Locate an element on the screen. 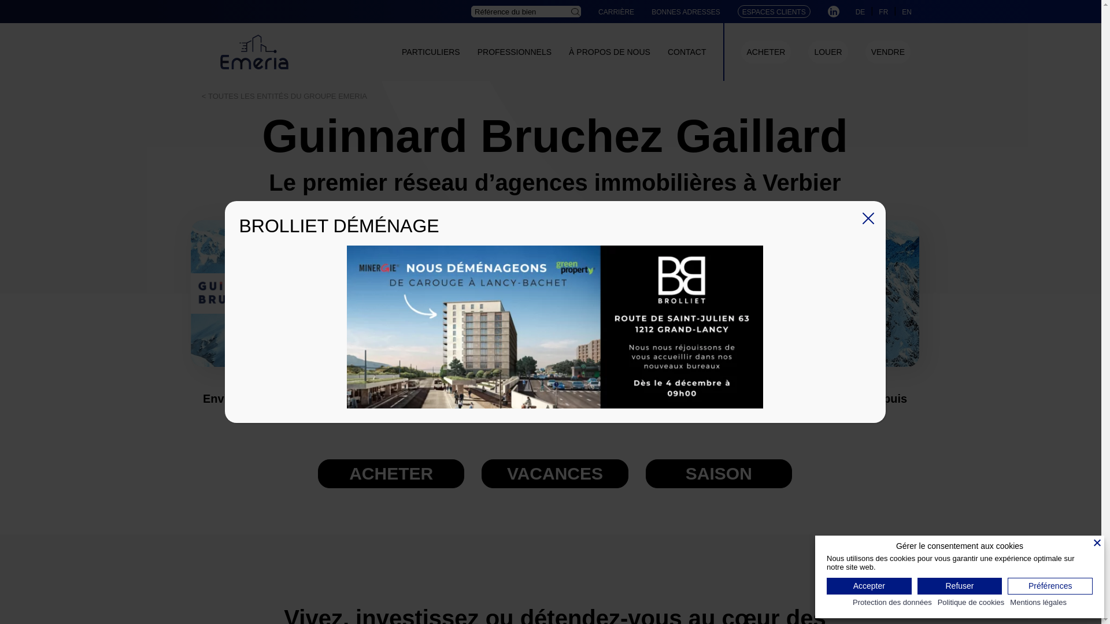 This screenshot has width=1110, height=624. 'PARTICULIERS' is located at coordinates (430, 51).